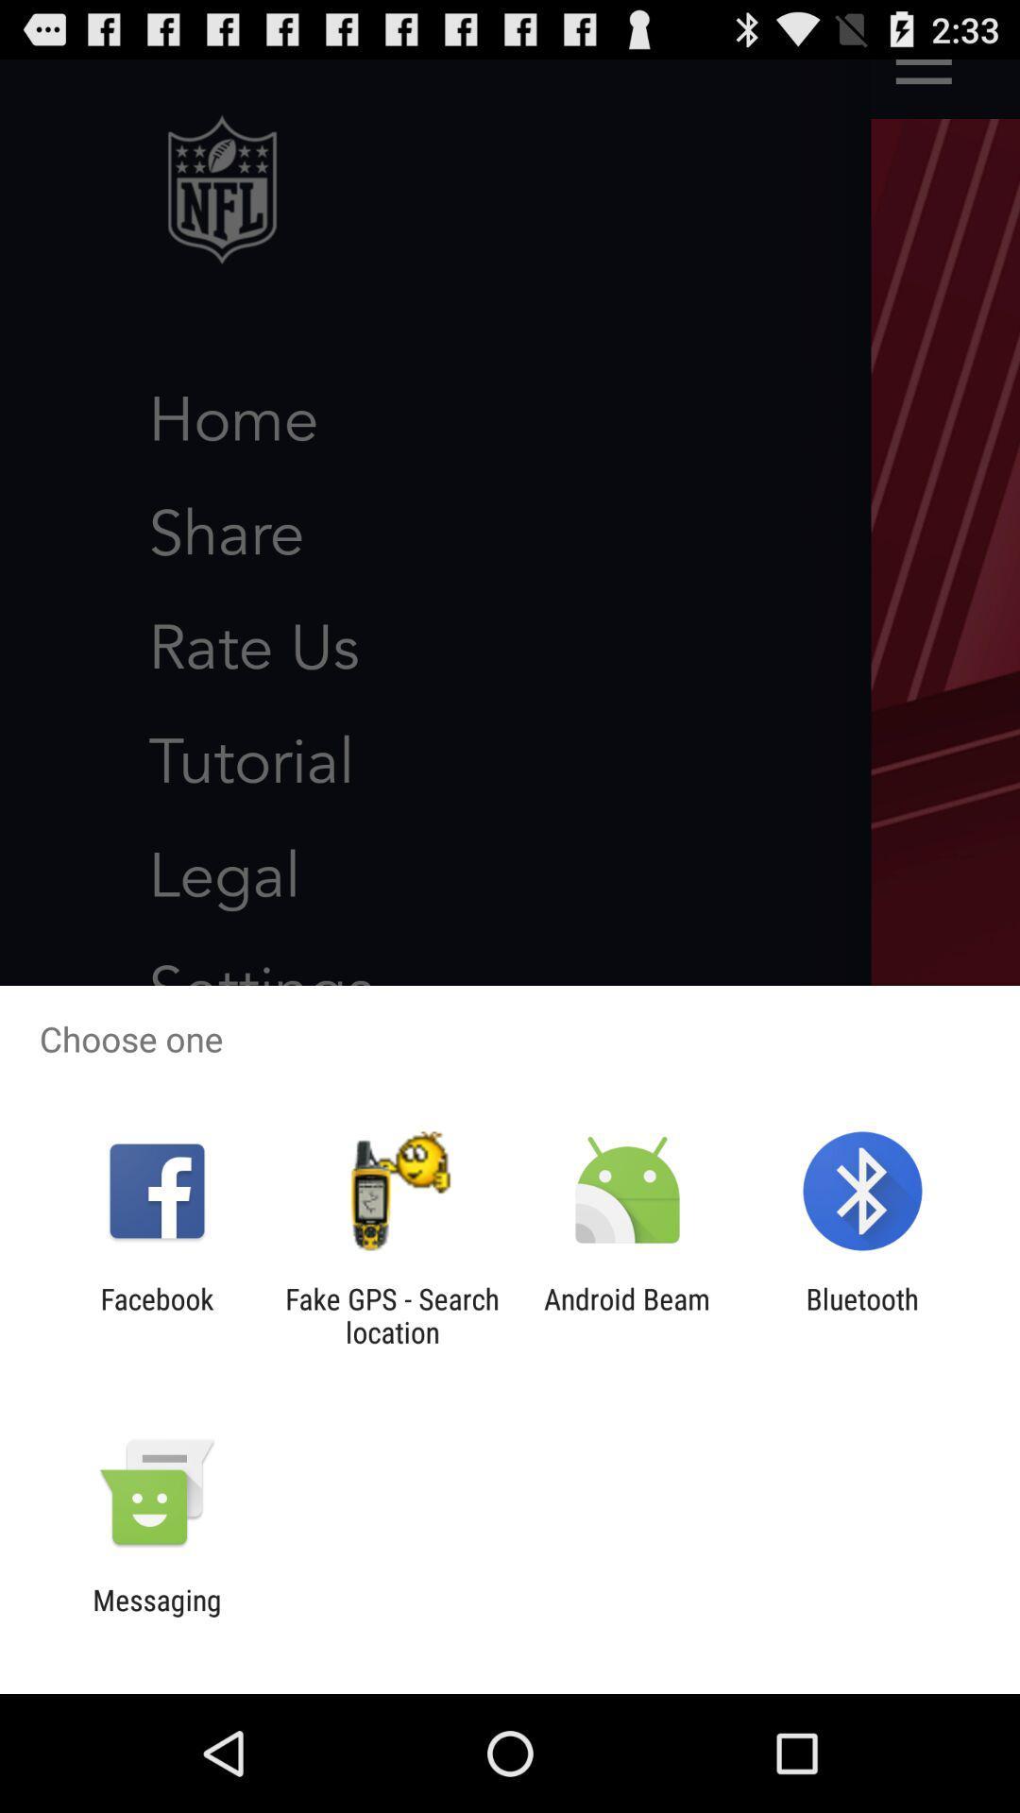 This screenshot has width=1020, height=1813. Describe the element at coordinates (391, 1314) in the screenshot. I see `icon next to facebook` at that location.